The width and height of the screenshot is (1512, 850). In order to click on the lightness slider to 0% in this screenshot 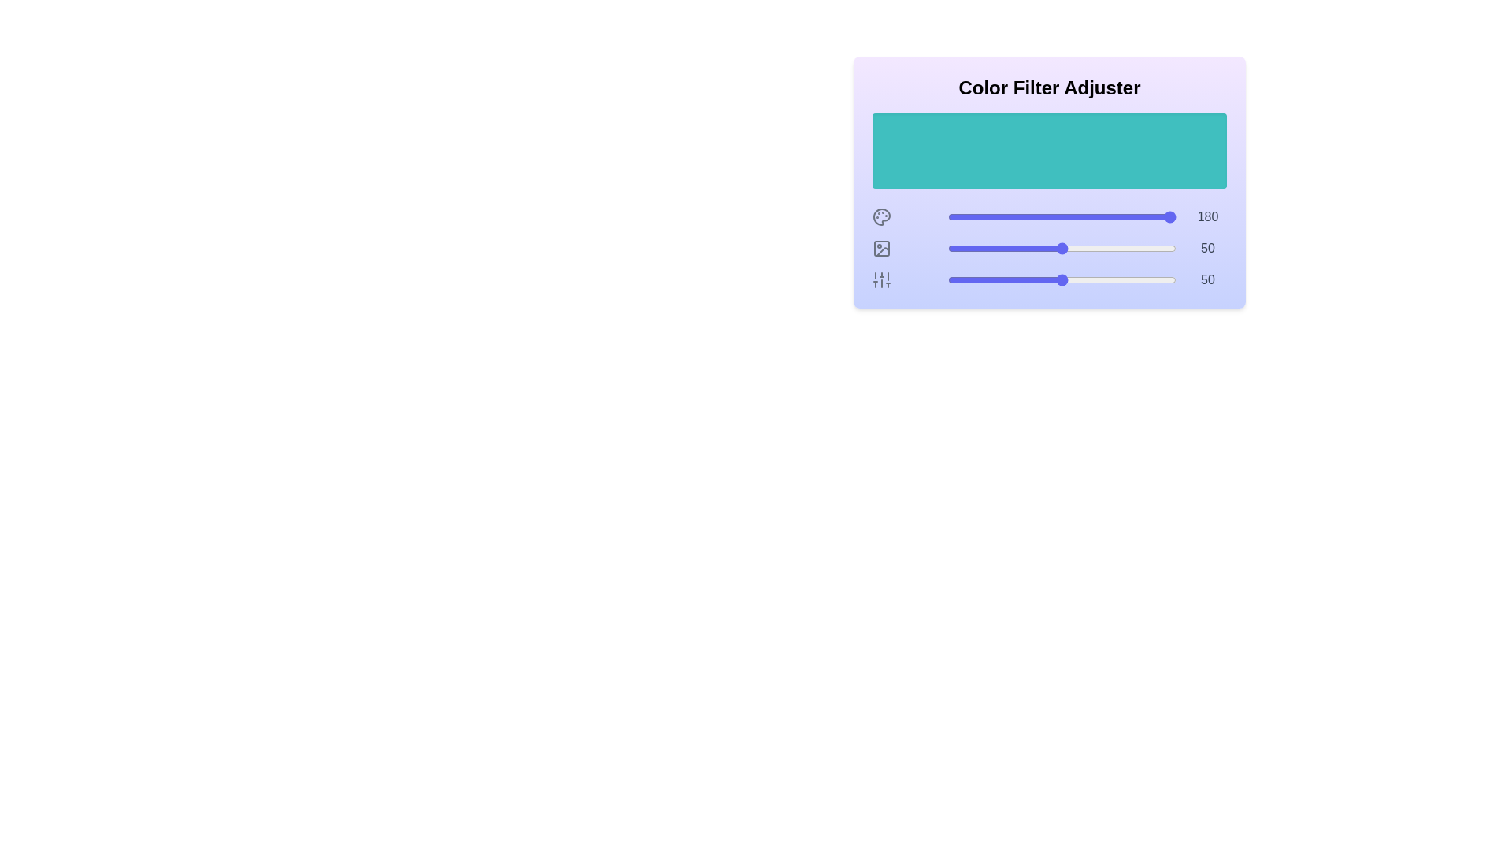, I will do `click(947, 248)`.